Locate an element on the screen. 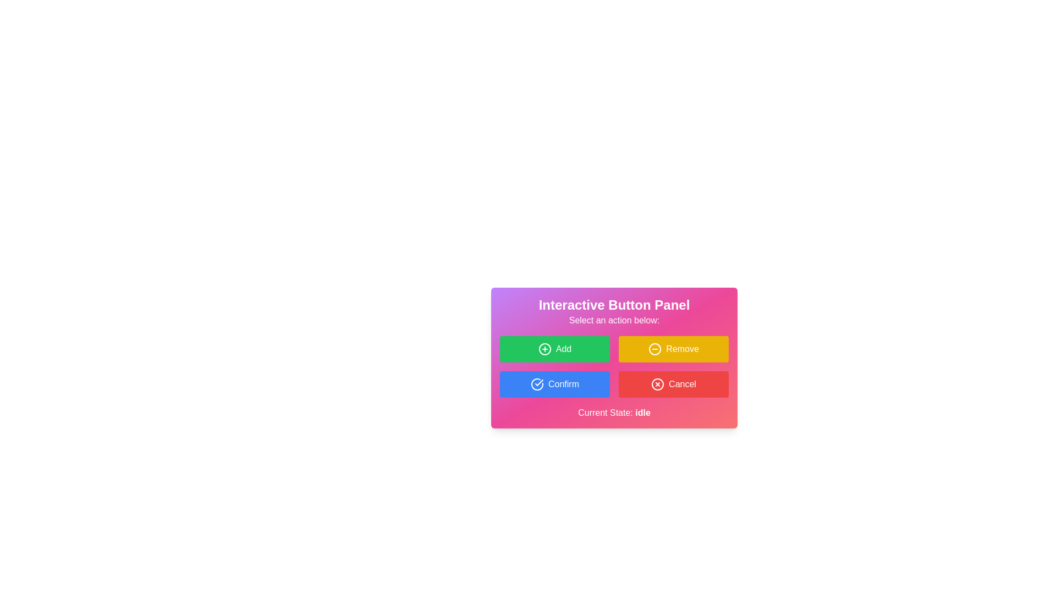 This screenshot has height=594, width=1056. the circular-shaped icon with a green ring and a white internal cross, which is located beside the 'Add' label in the top-left corner of the button layout is located at coordinates (544, 349).